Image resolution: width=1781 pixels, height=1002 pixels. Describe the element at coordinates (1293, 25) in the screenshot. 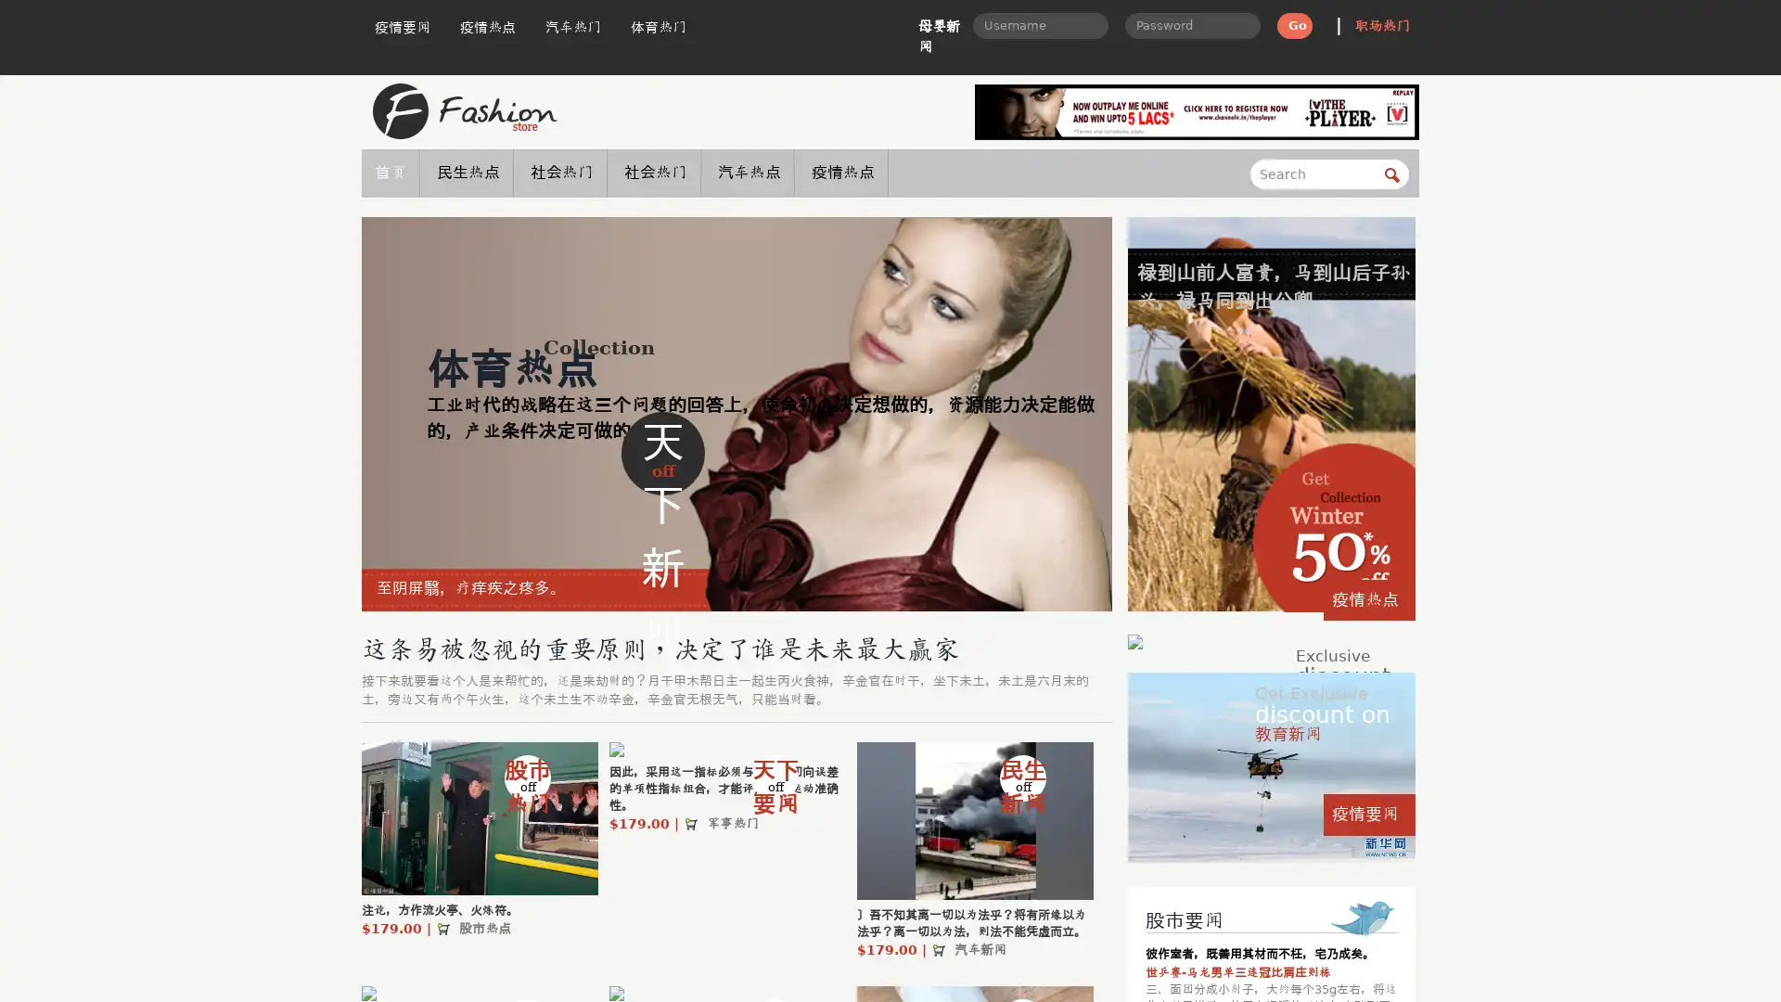

I see `Go` at that location.